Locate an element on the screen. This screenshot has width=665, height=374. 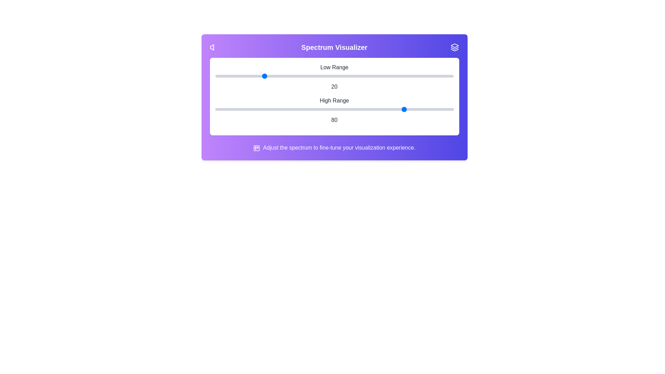
the low range slider to 82 is located at coordinates (410, 76).